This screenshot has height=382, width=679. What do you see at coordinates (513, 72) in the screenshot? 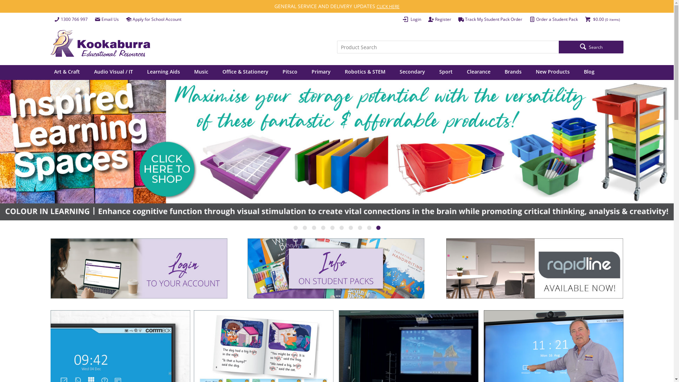
I see `'Brands'` at bounding box center [513, 72].